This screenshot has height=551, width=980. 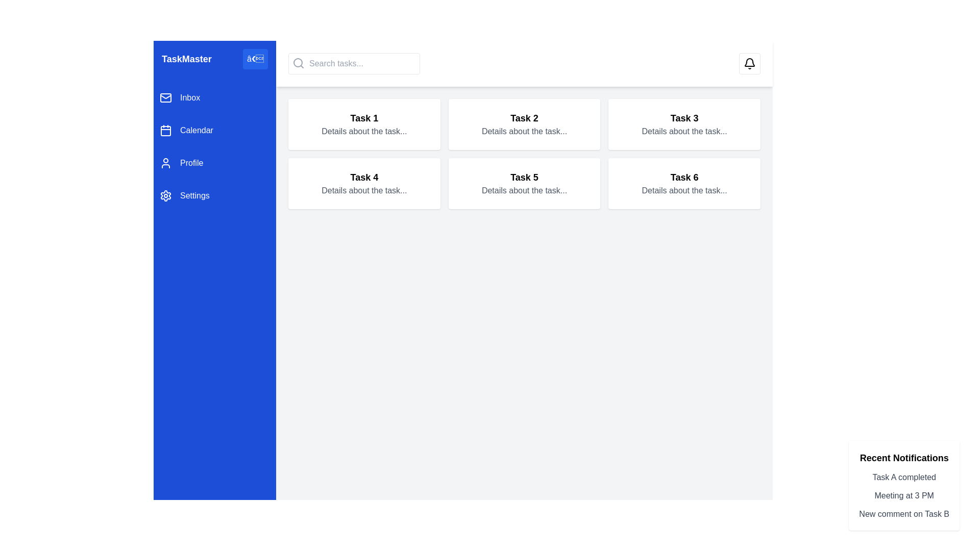 I want to click on the text element displaying 'Task 3' which is located prominently above additional text details in the top-right card of the grid layout, so click(x=684, y=117).